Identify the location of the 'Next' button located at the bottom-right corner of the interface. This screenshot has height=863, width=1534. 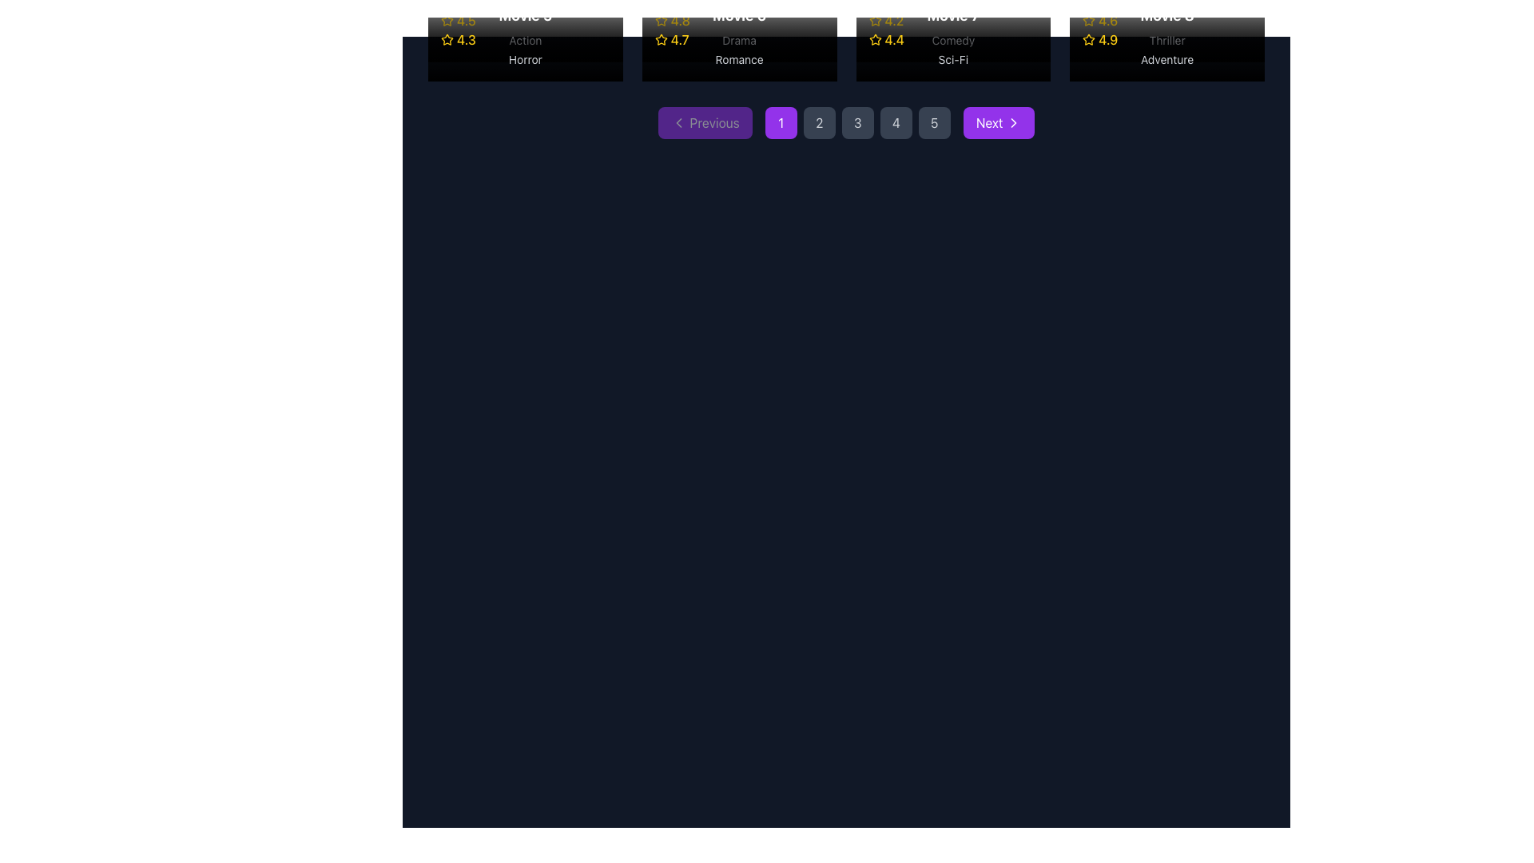
(1013, 122).